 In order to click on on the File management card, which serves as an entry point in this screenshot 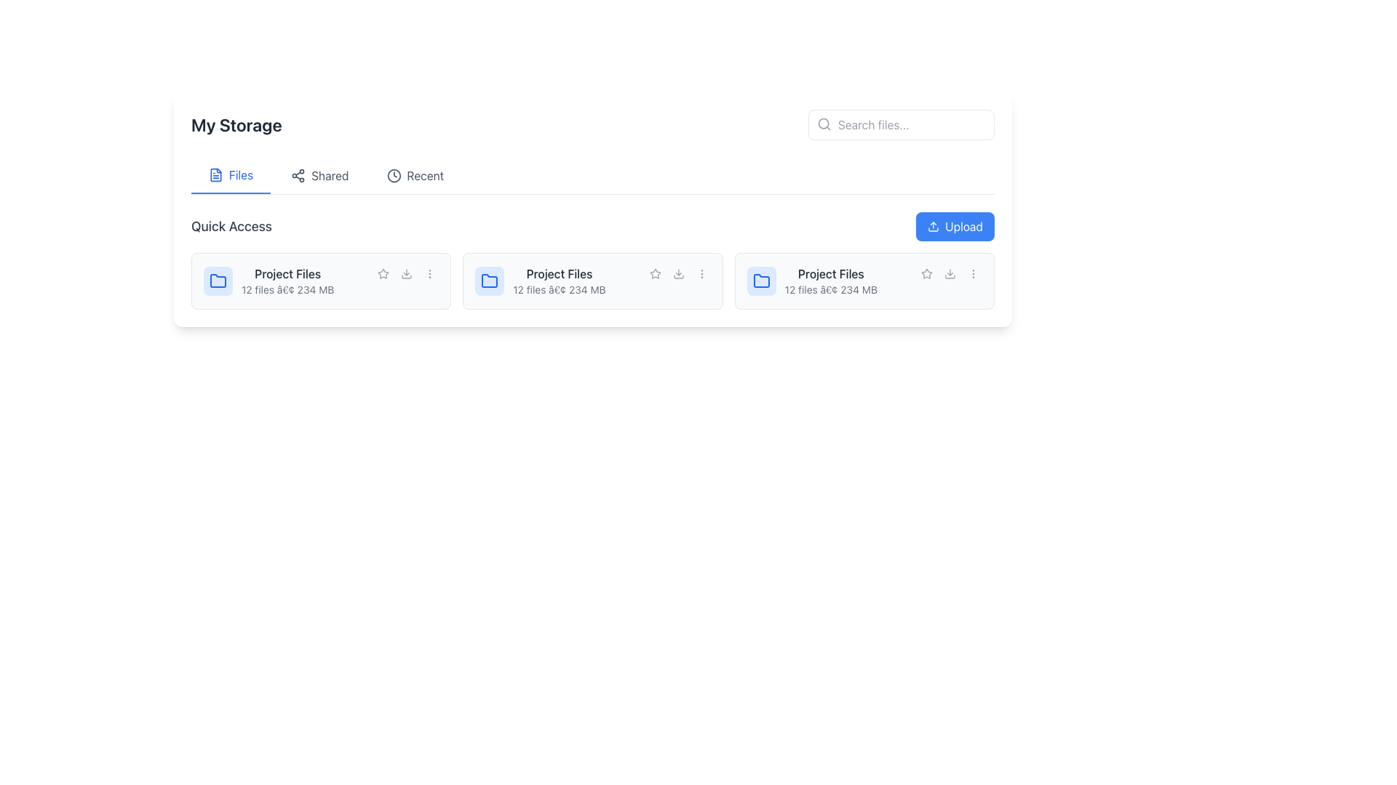, I will do `click(320, 281)`.